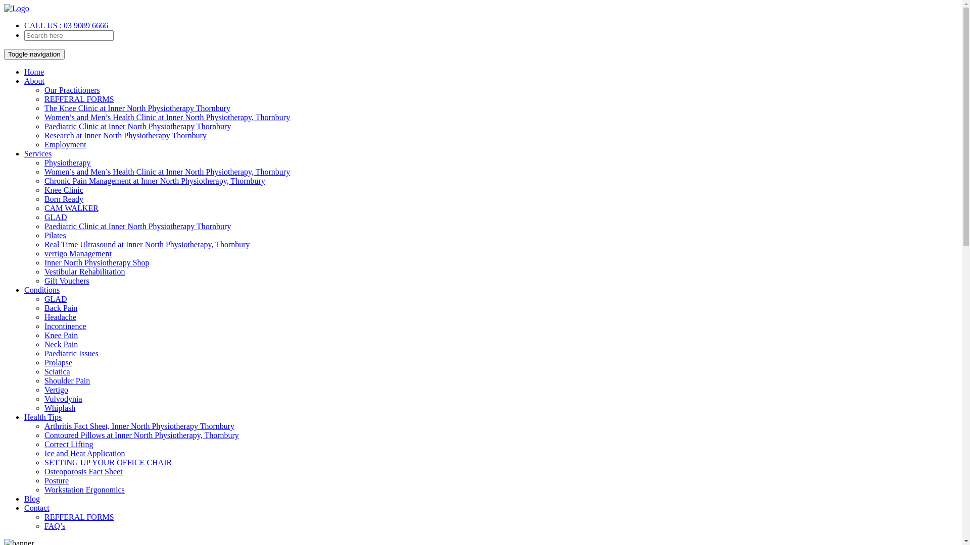 Image resolution: width=970 pixels, height=545 pixels. I want to click on 'Contact', so click(36, 508).